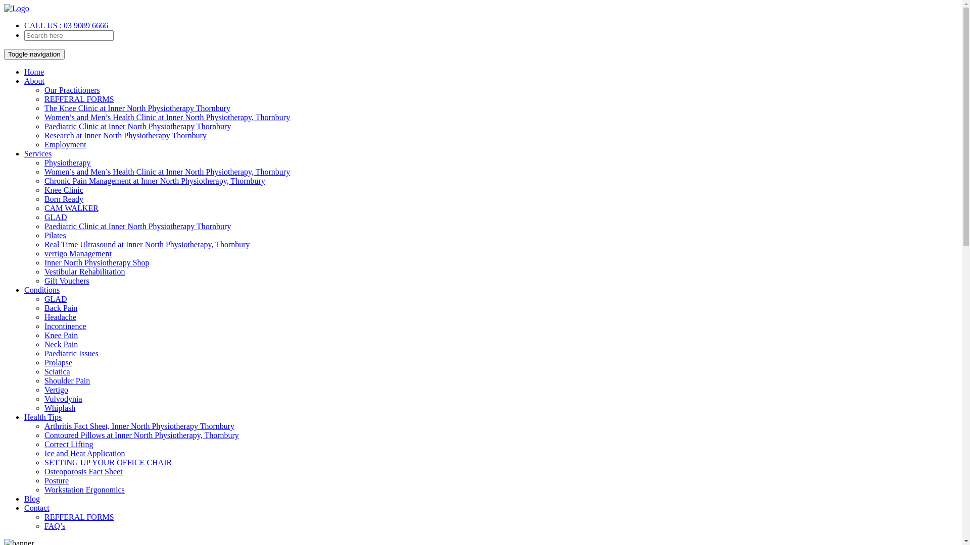 Image resolution: width=970 pixels, height=545 pixels. I want to click on 'Contact', so click(36, 508).